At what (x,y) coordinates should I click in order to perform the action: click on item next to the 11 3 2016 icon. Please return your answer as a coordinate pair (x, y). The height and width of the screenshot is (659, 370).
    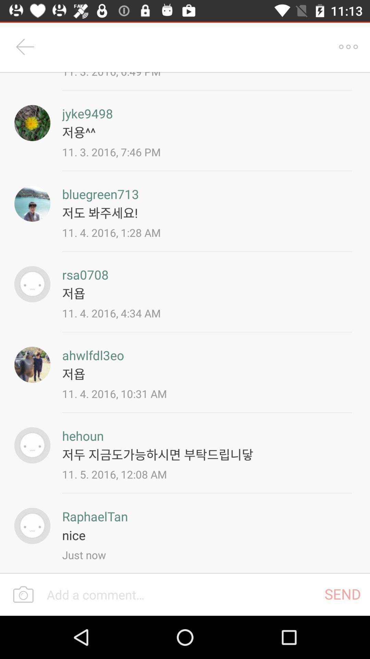
    Looking at the image, I should click on (348, 46).